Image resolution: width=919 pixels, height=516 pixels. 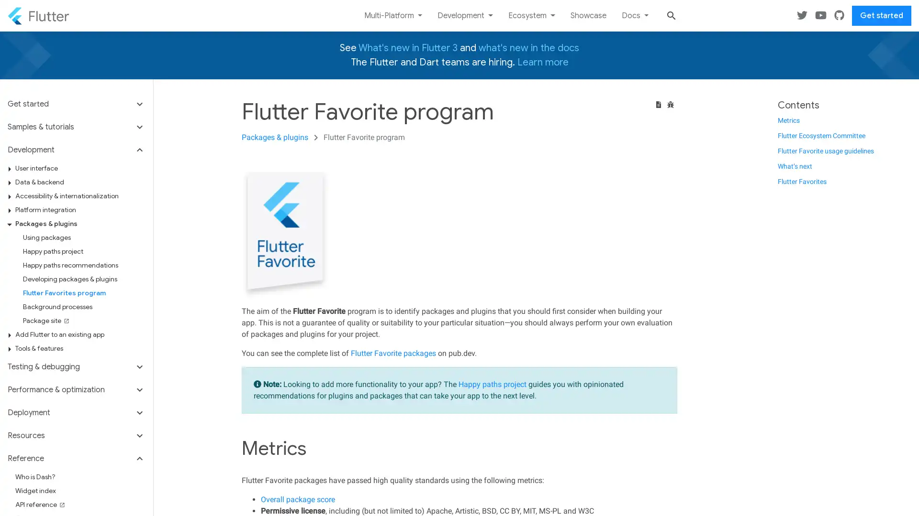 I want to click on Reference keyboard_arrow_down, so click(x=76, y=458).